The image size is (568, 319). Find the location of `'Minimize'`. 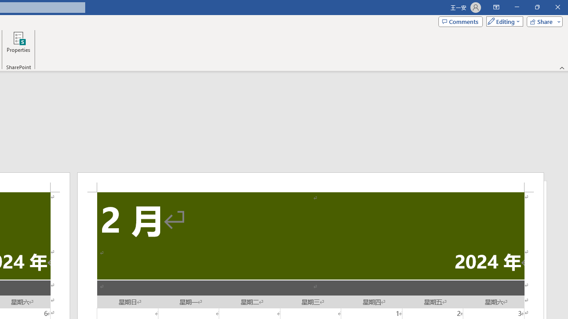

'Minimize' is located at coordinates (517, 7).